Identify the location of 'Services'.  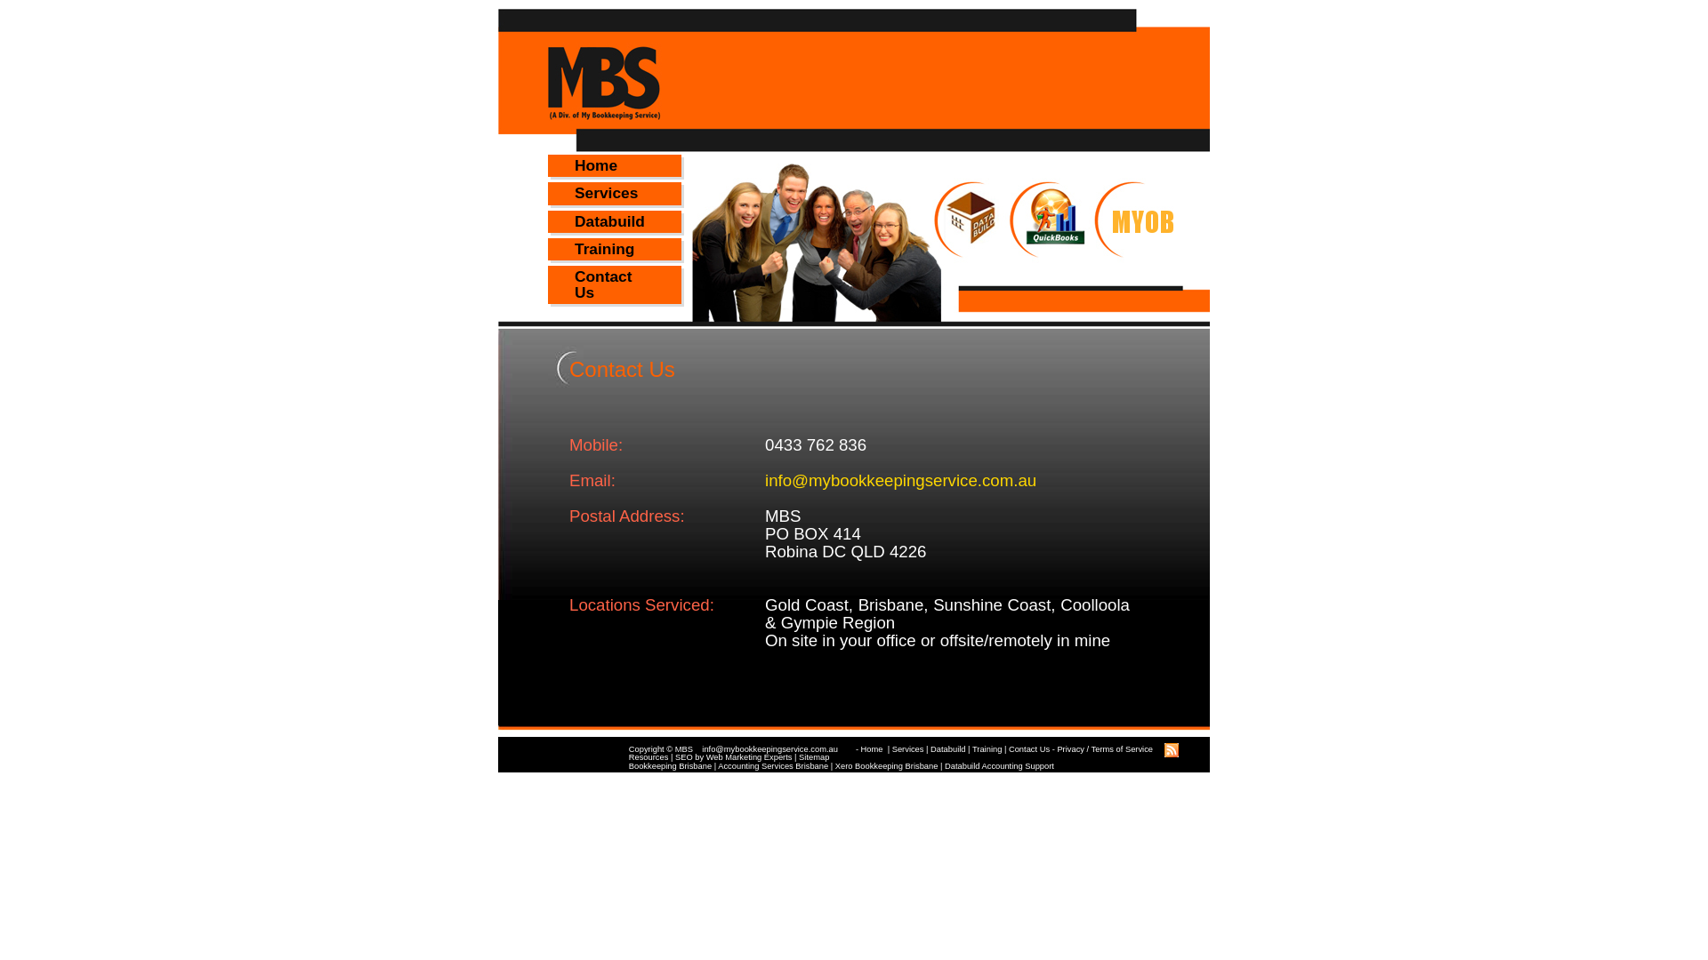
(908, 749).